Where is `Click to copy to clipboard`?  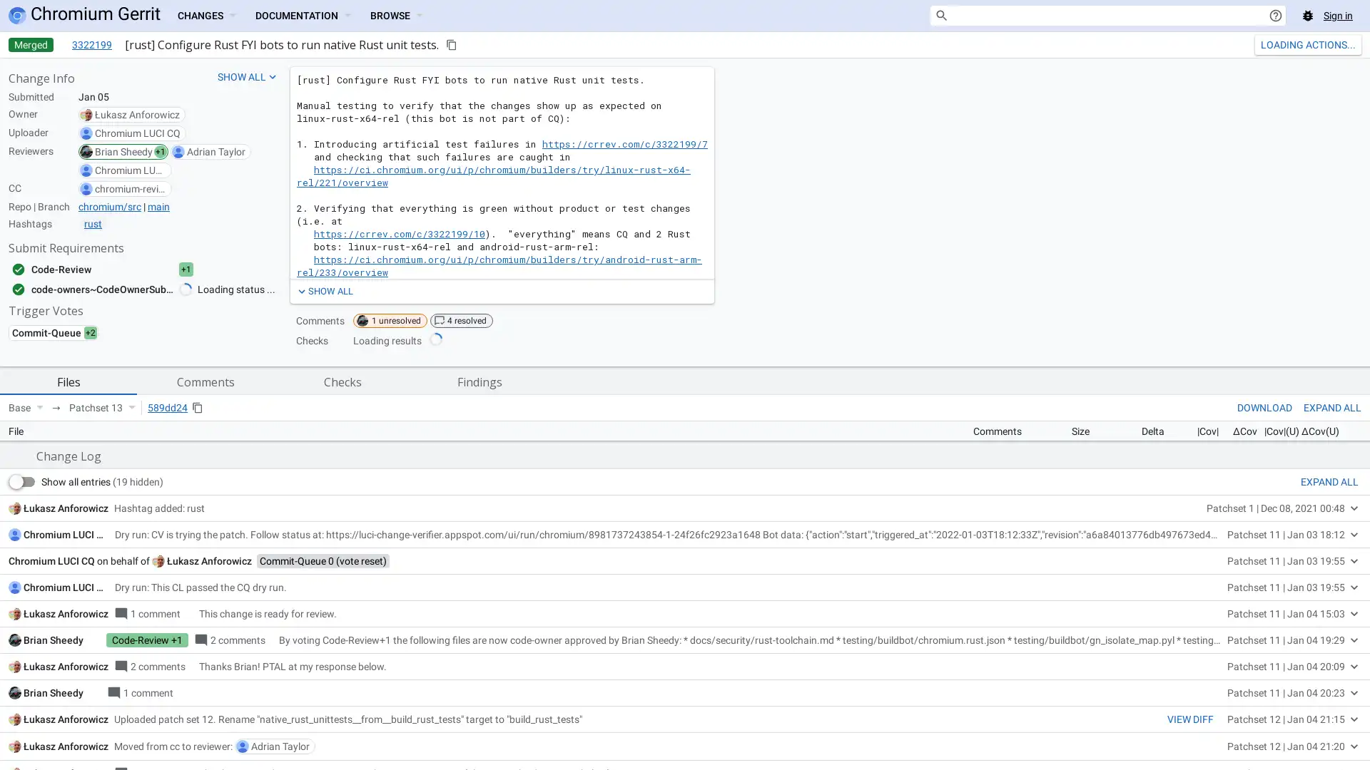 Click to copy to clipboard is located at coordinates (197, 407).